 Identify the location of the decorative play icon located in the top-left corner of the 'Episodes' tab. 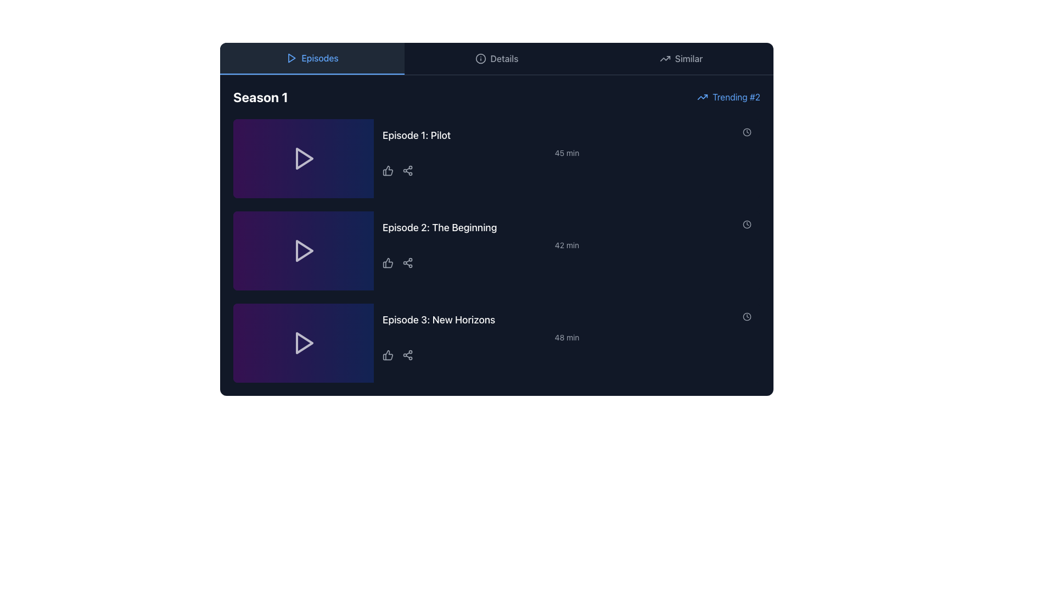
(291, 58).